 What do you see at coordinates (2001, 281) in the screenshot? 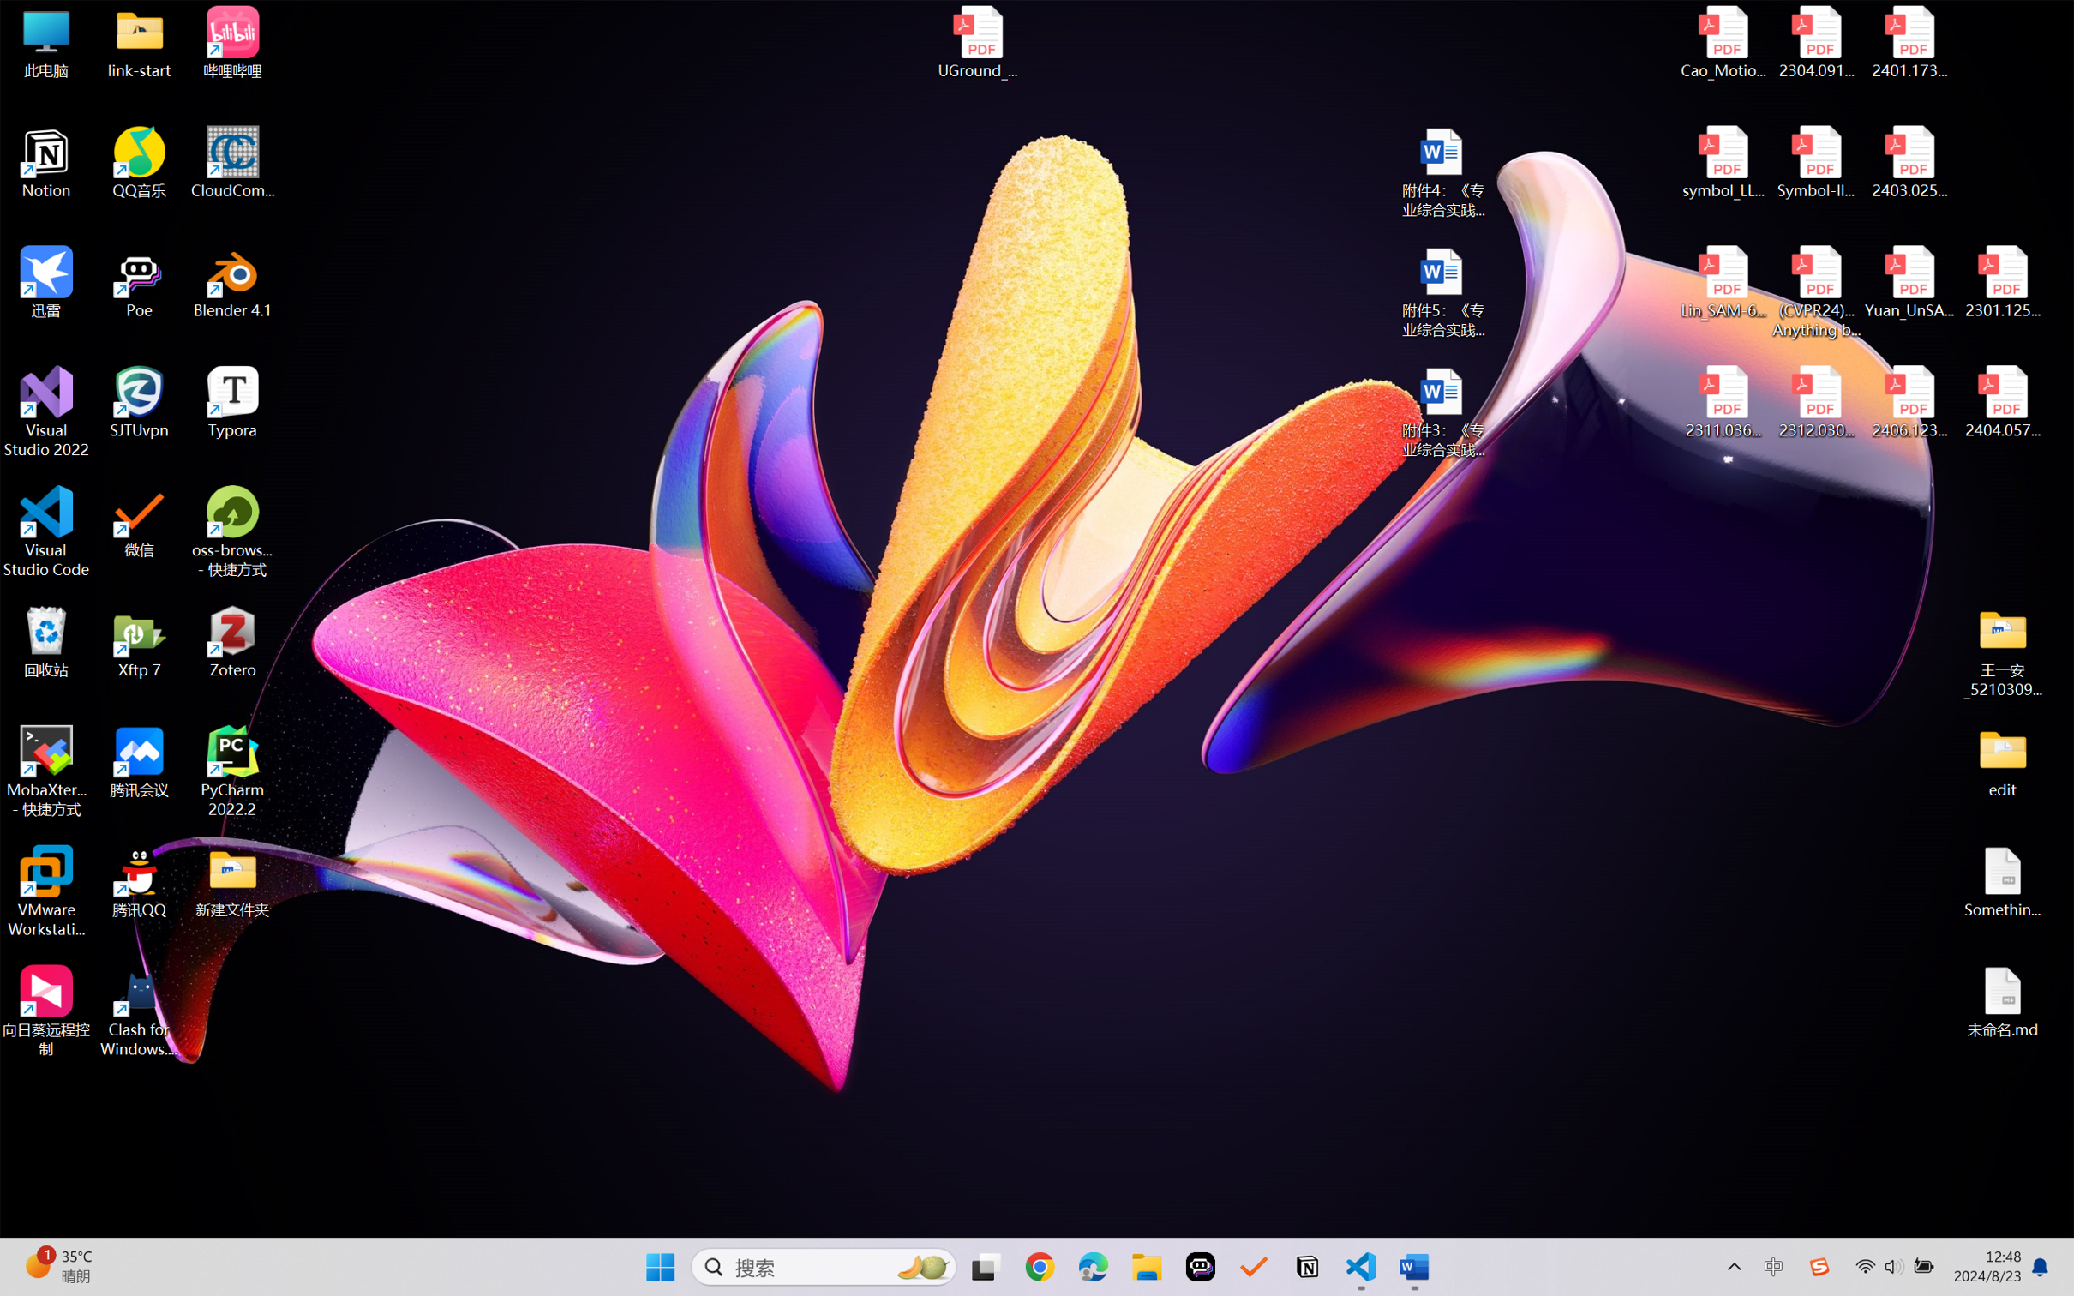
I see `'2301.12597v3.pdf'` at bounding box center [2001, 281].